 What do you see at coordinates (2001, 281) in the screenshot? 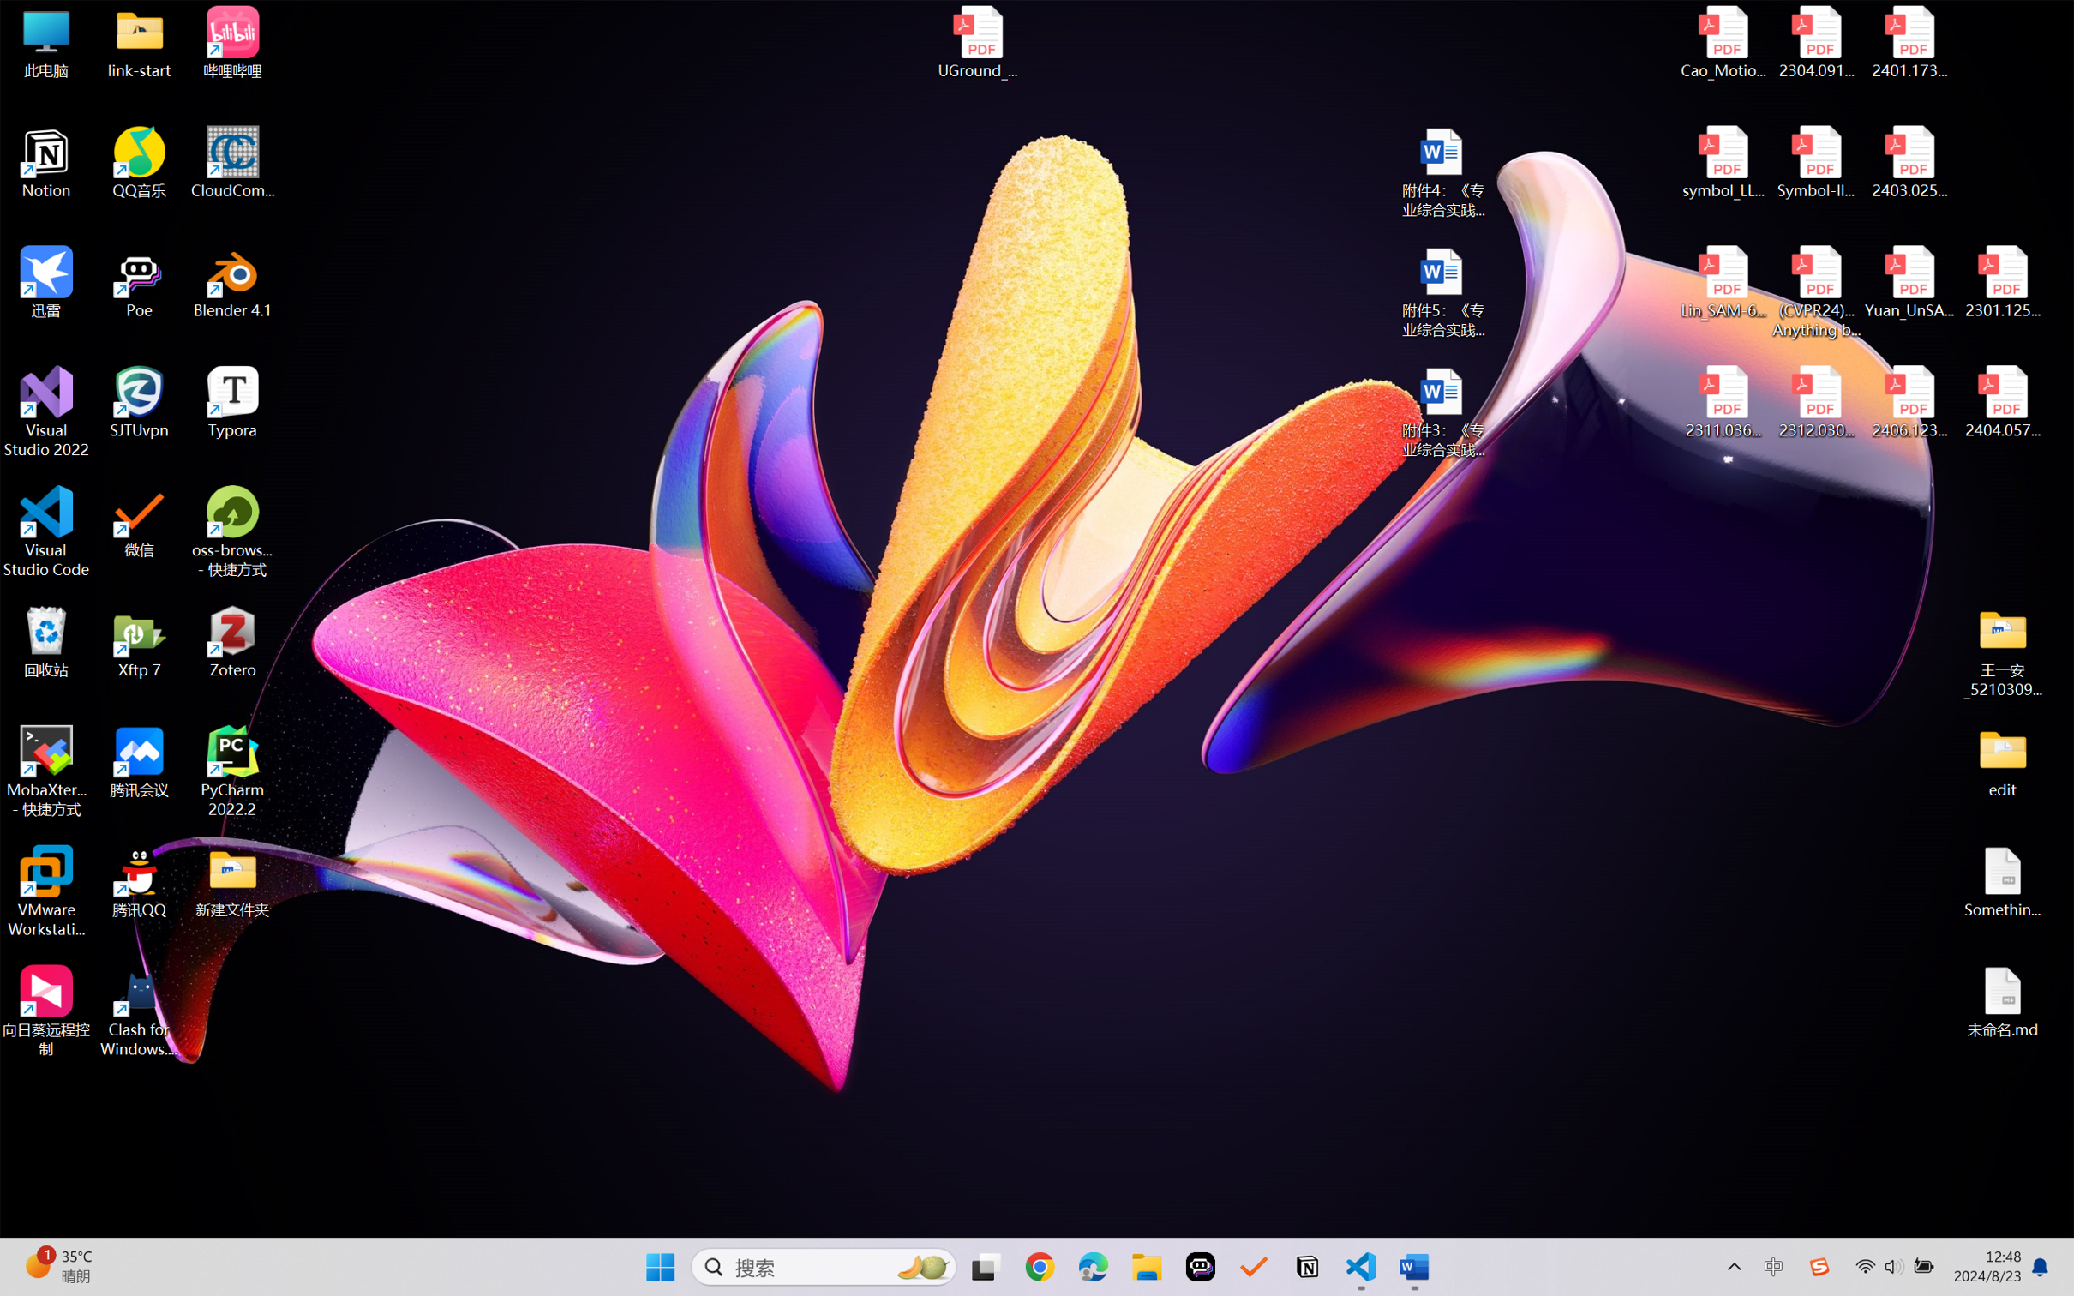
I see `'2301.12597v3.pdf'` at bounding box center [2001, 281].